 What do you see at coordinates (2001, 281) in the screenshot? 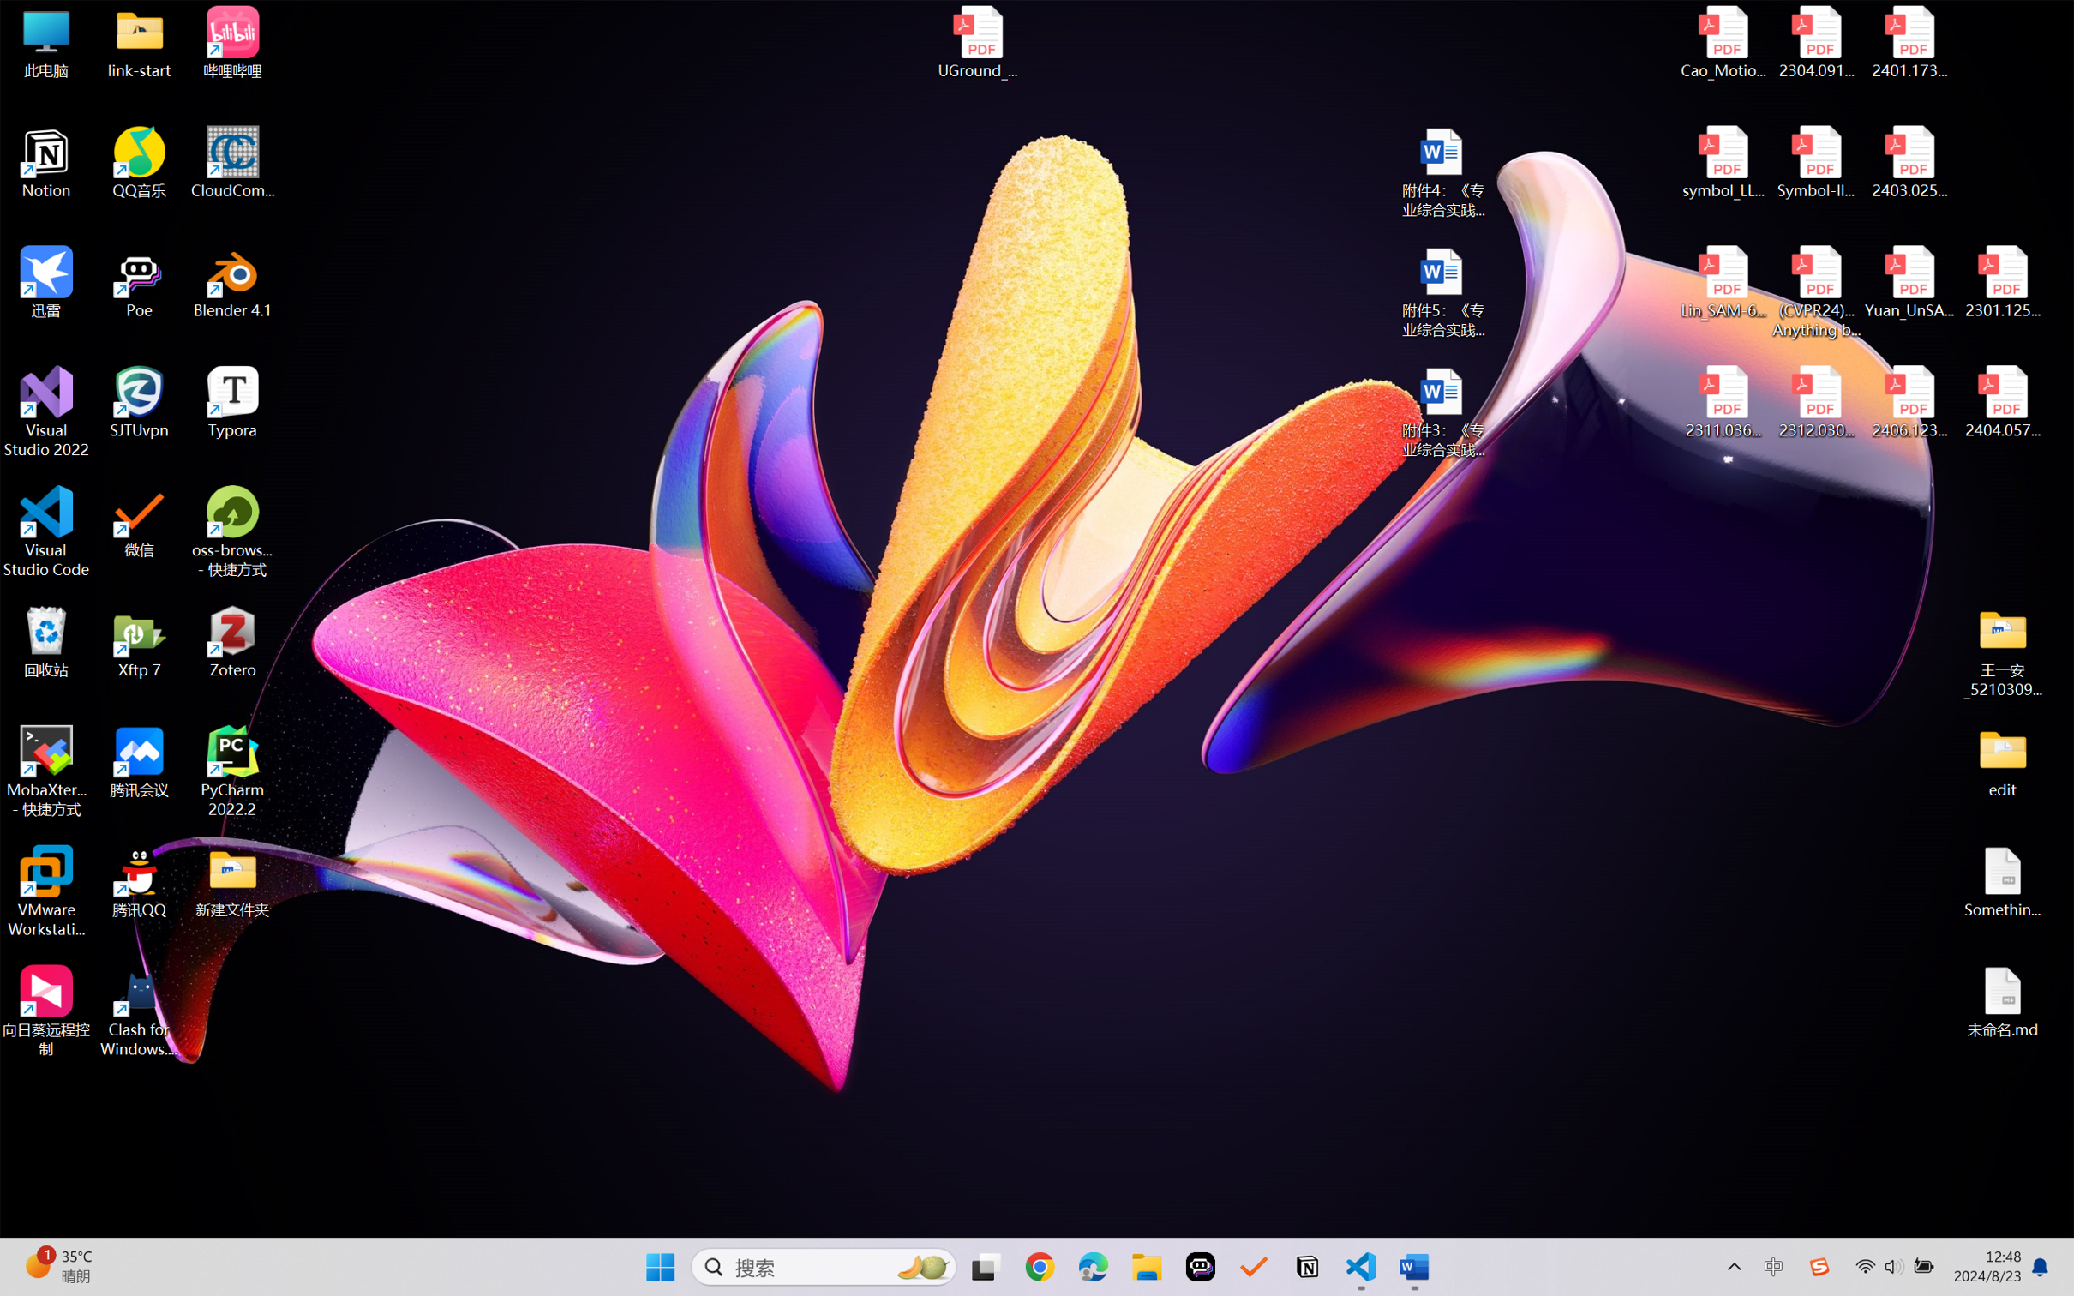
I see `'2301.12597v3.pdf'` at bounding box center [2001, 281].